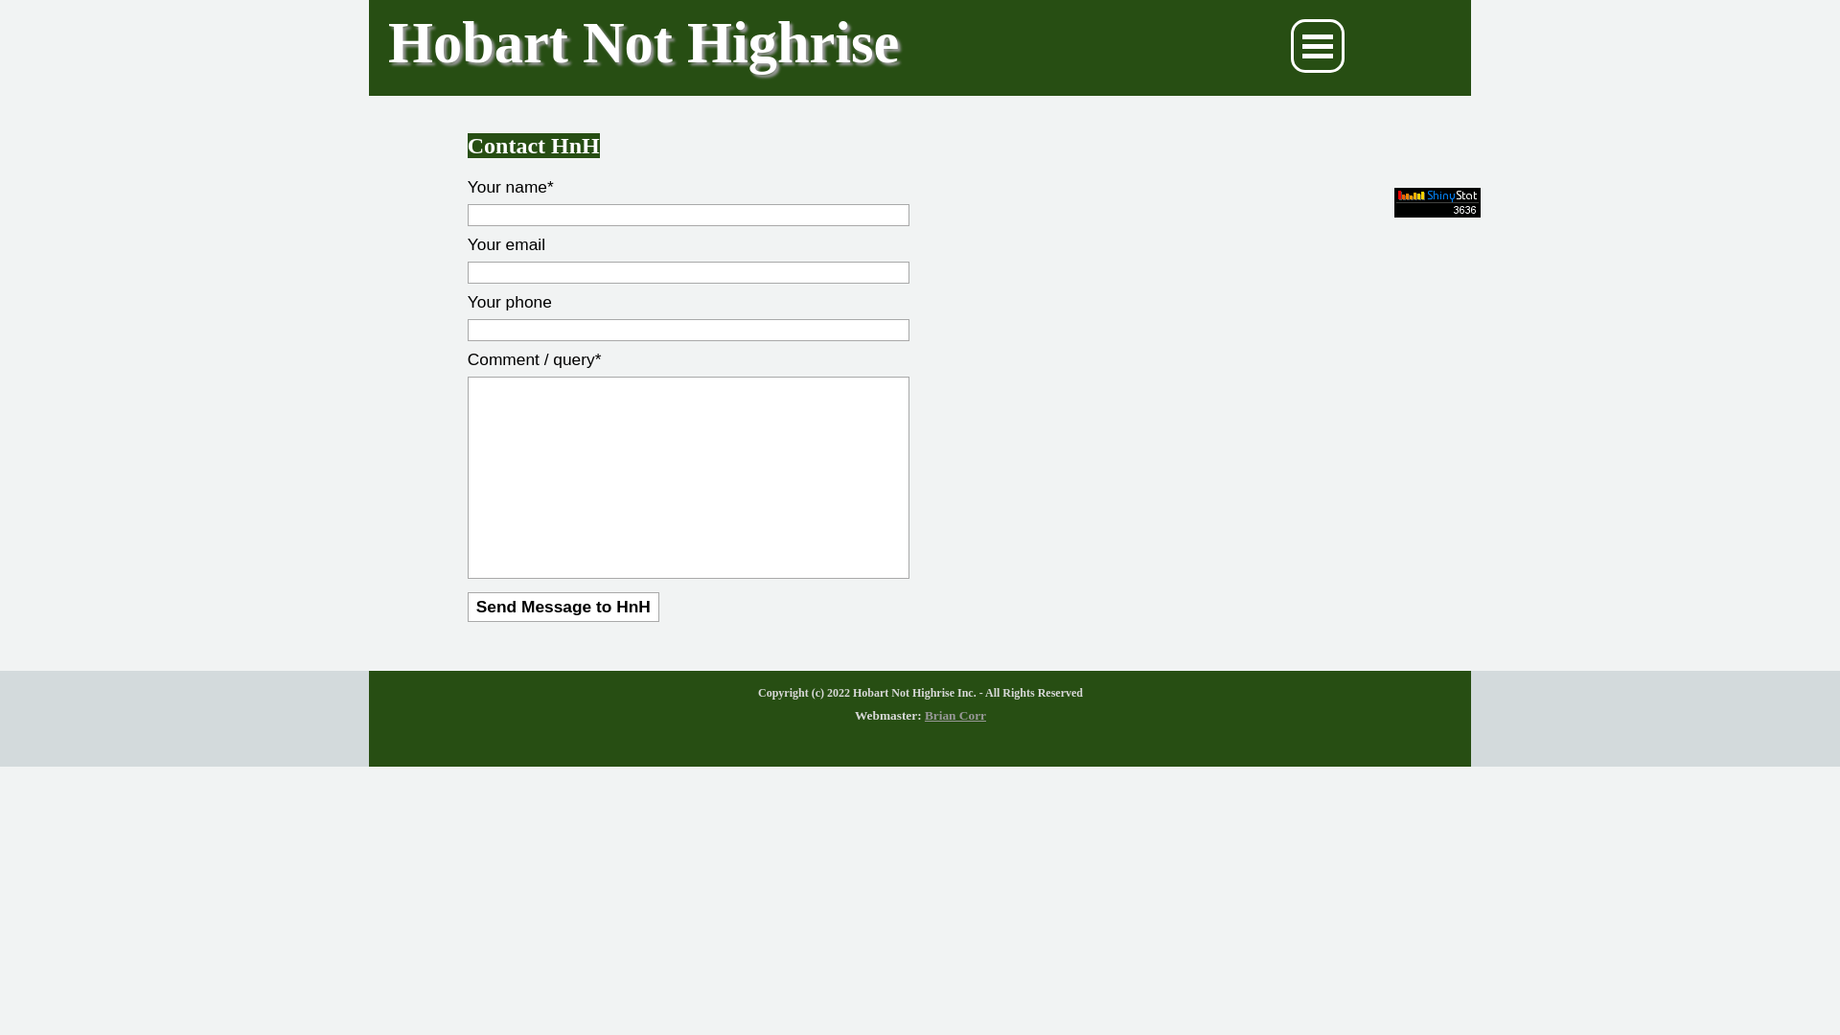  What do you see at coordinates (955, 715) in the screenshot?
I see `'Brian Corr'` at bounding box center [955, 715].